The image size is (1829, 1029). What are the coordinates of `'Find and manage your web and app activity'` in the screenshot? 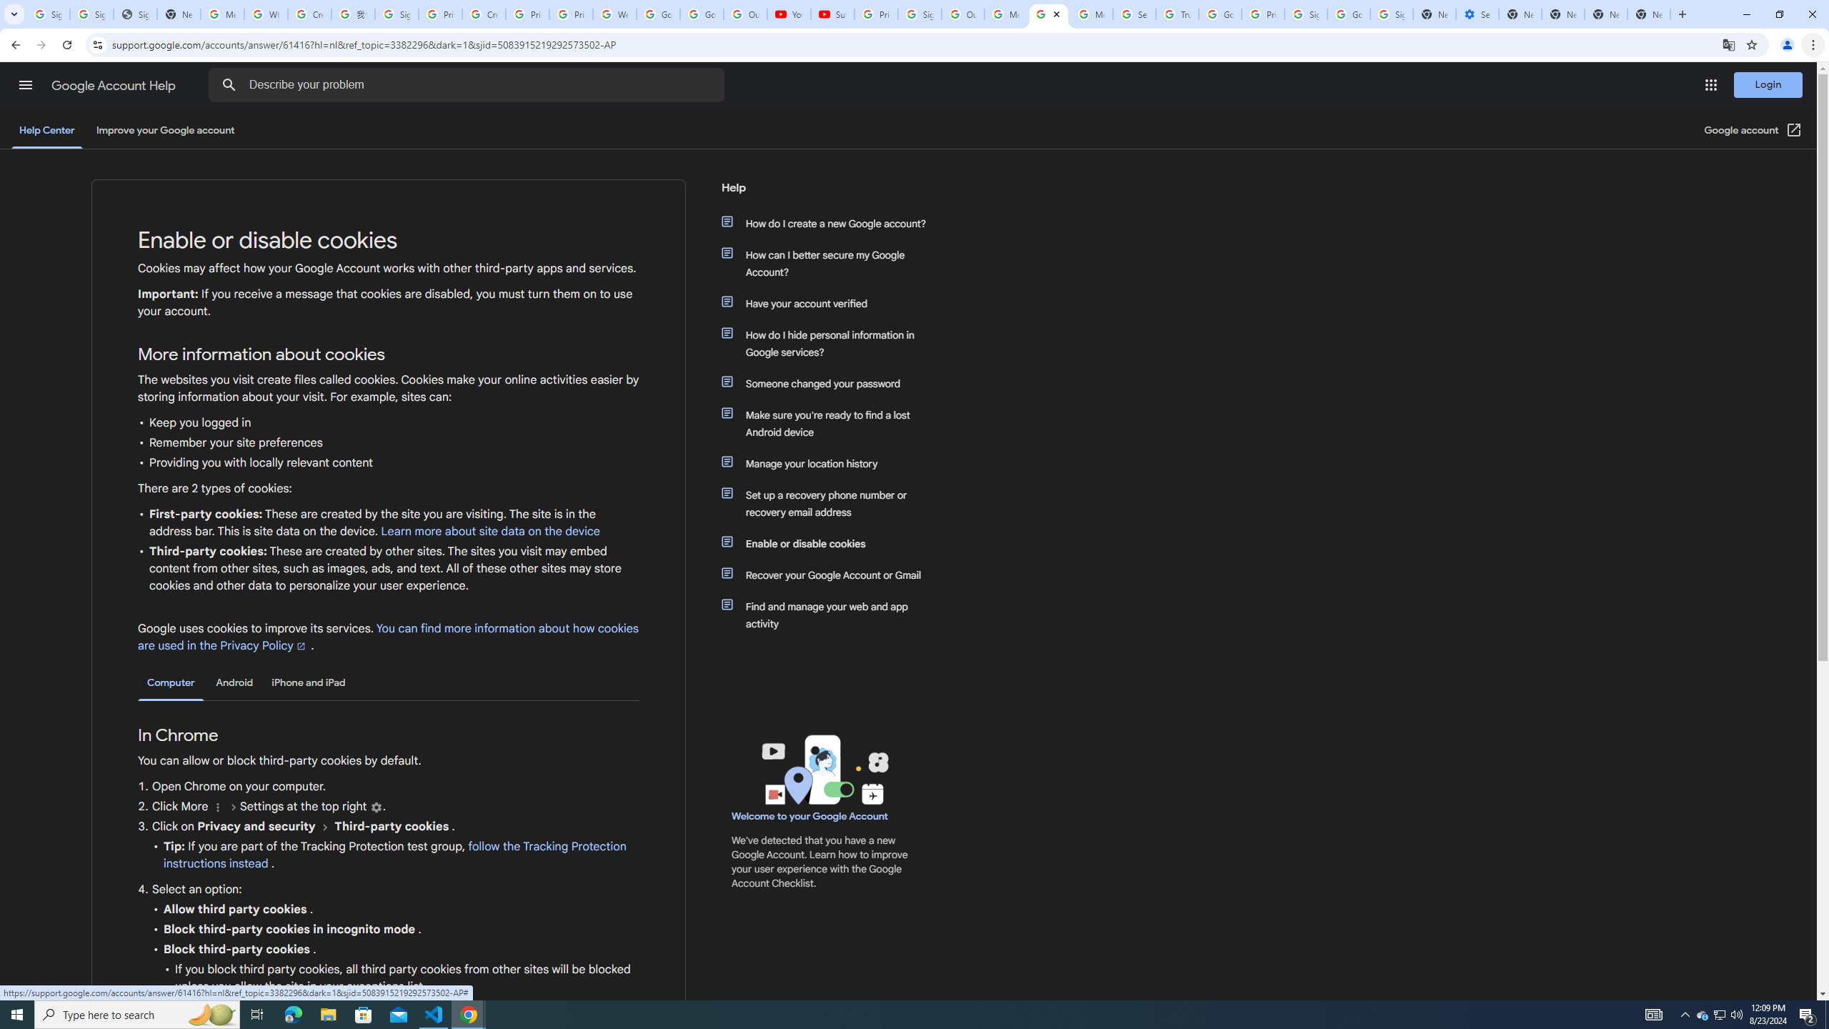 It's located at (830, 615).